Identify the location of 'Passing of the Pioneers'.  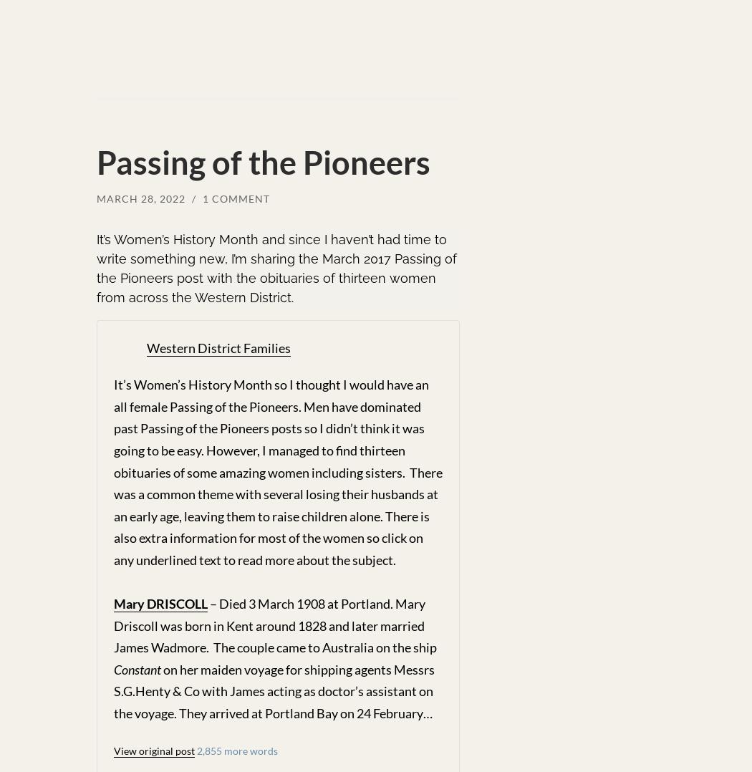
(263, 163).